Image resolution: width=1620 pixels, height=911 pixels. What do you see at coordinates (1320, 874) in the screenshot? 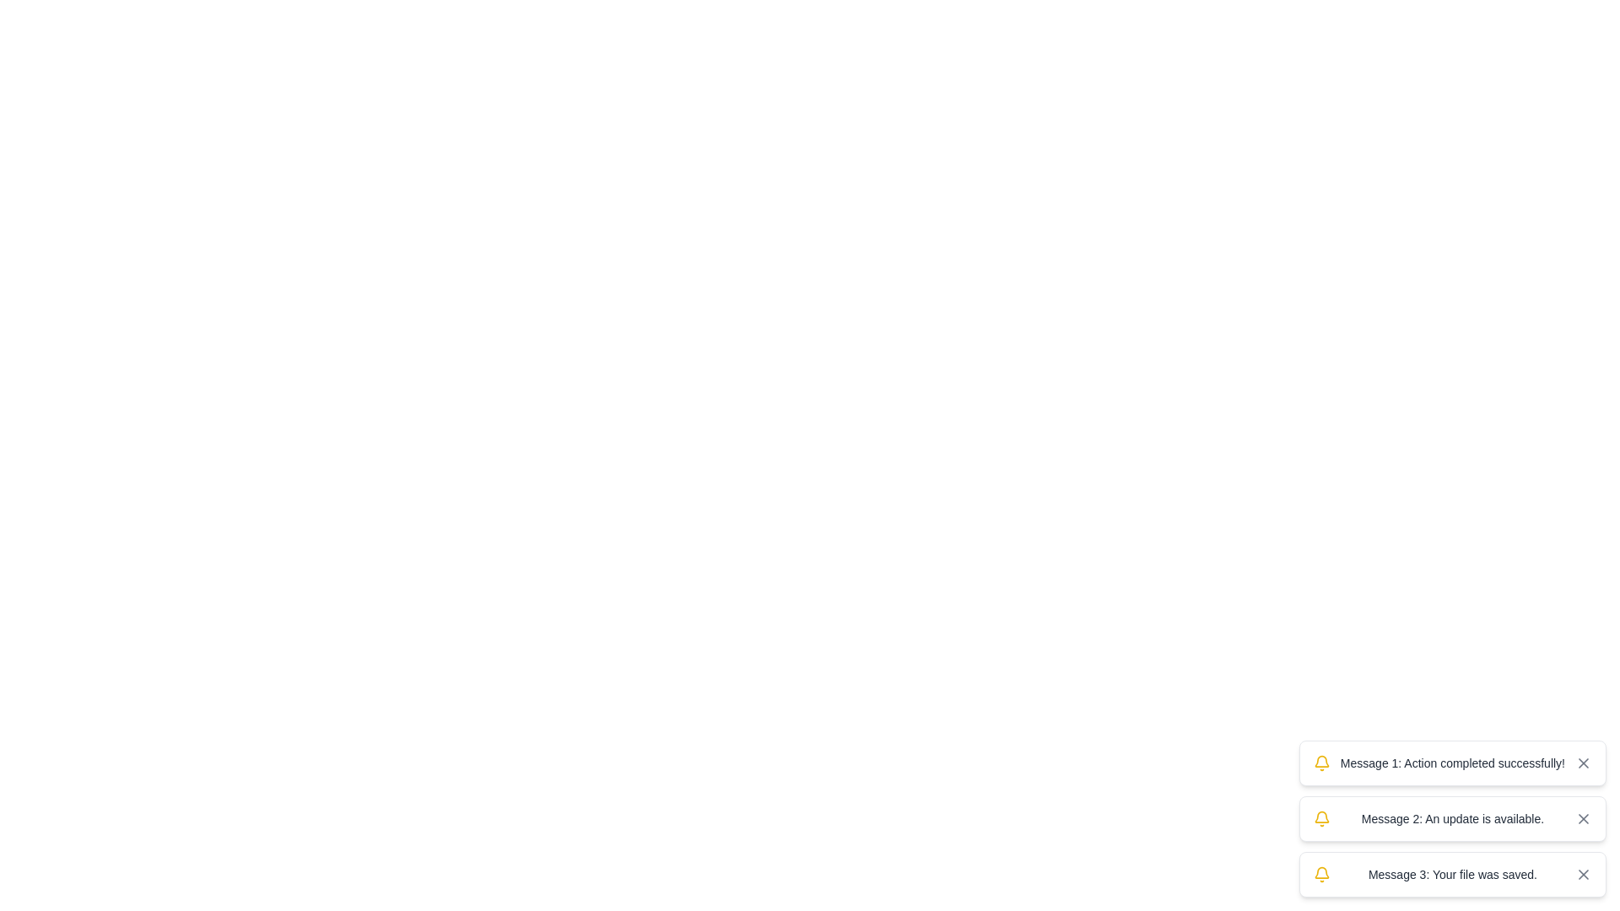
I see `the bell-shaped icon with a yellow hue, which is located at the leftmost part of the third notification card next to the text 'Message 3: Your file was saved.'` at bounding box center [1320, 874].